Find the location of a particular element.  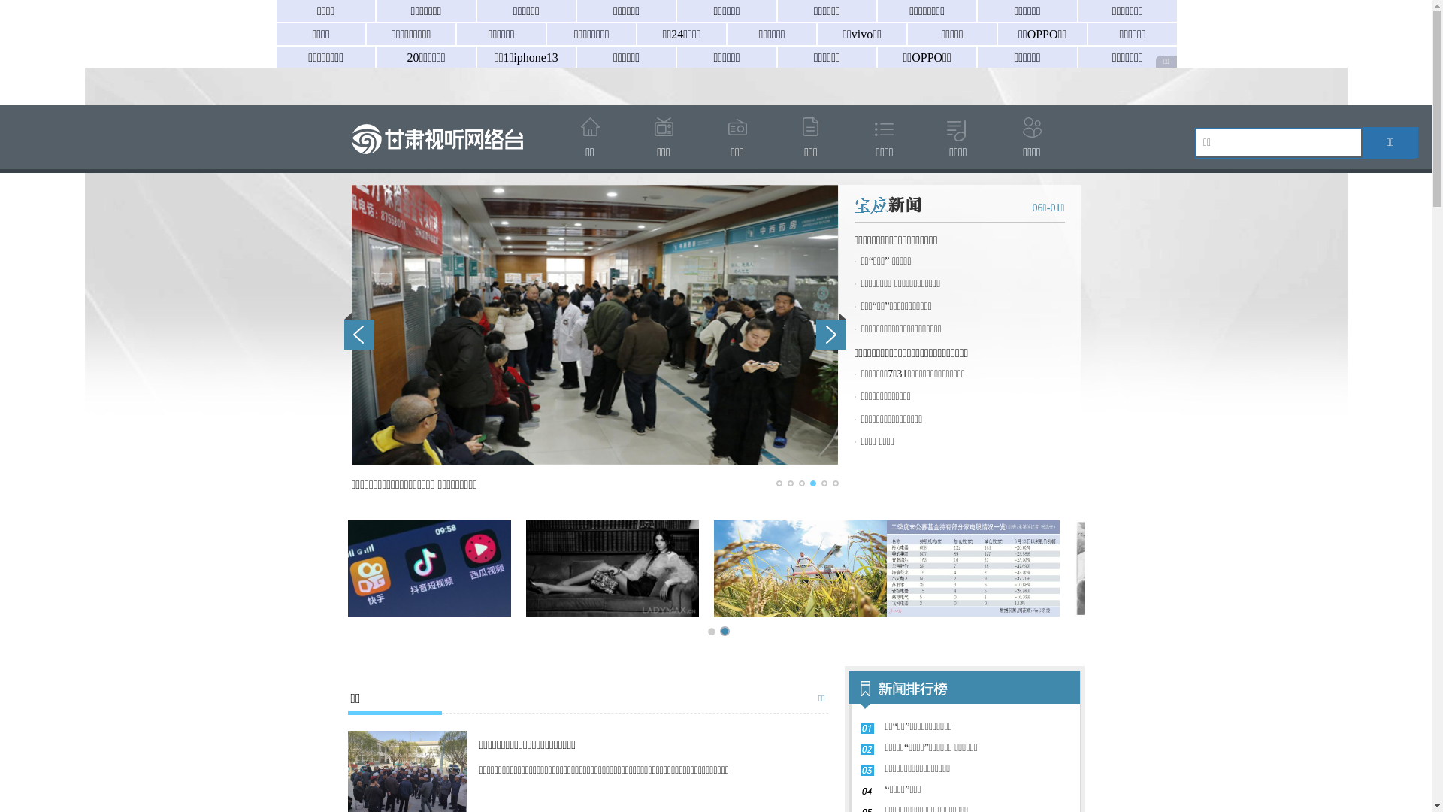

'6' is located at coordinates (835, 483).